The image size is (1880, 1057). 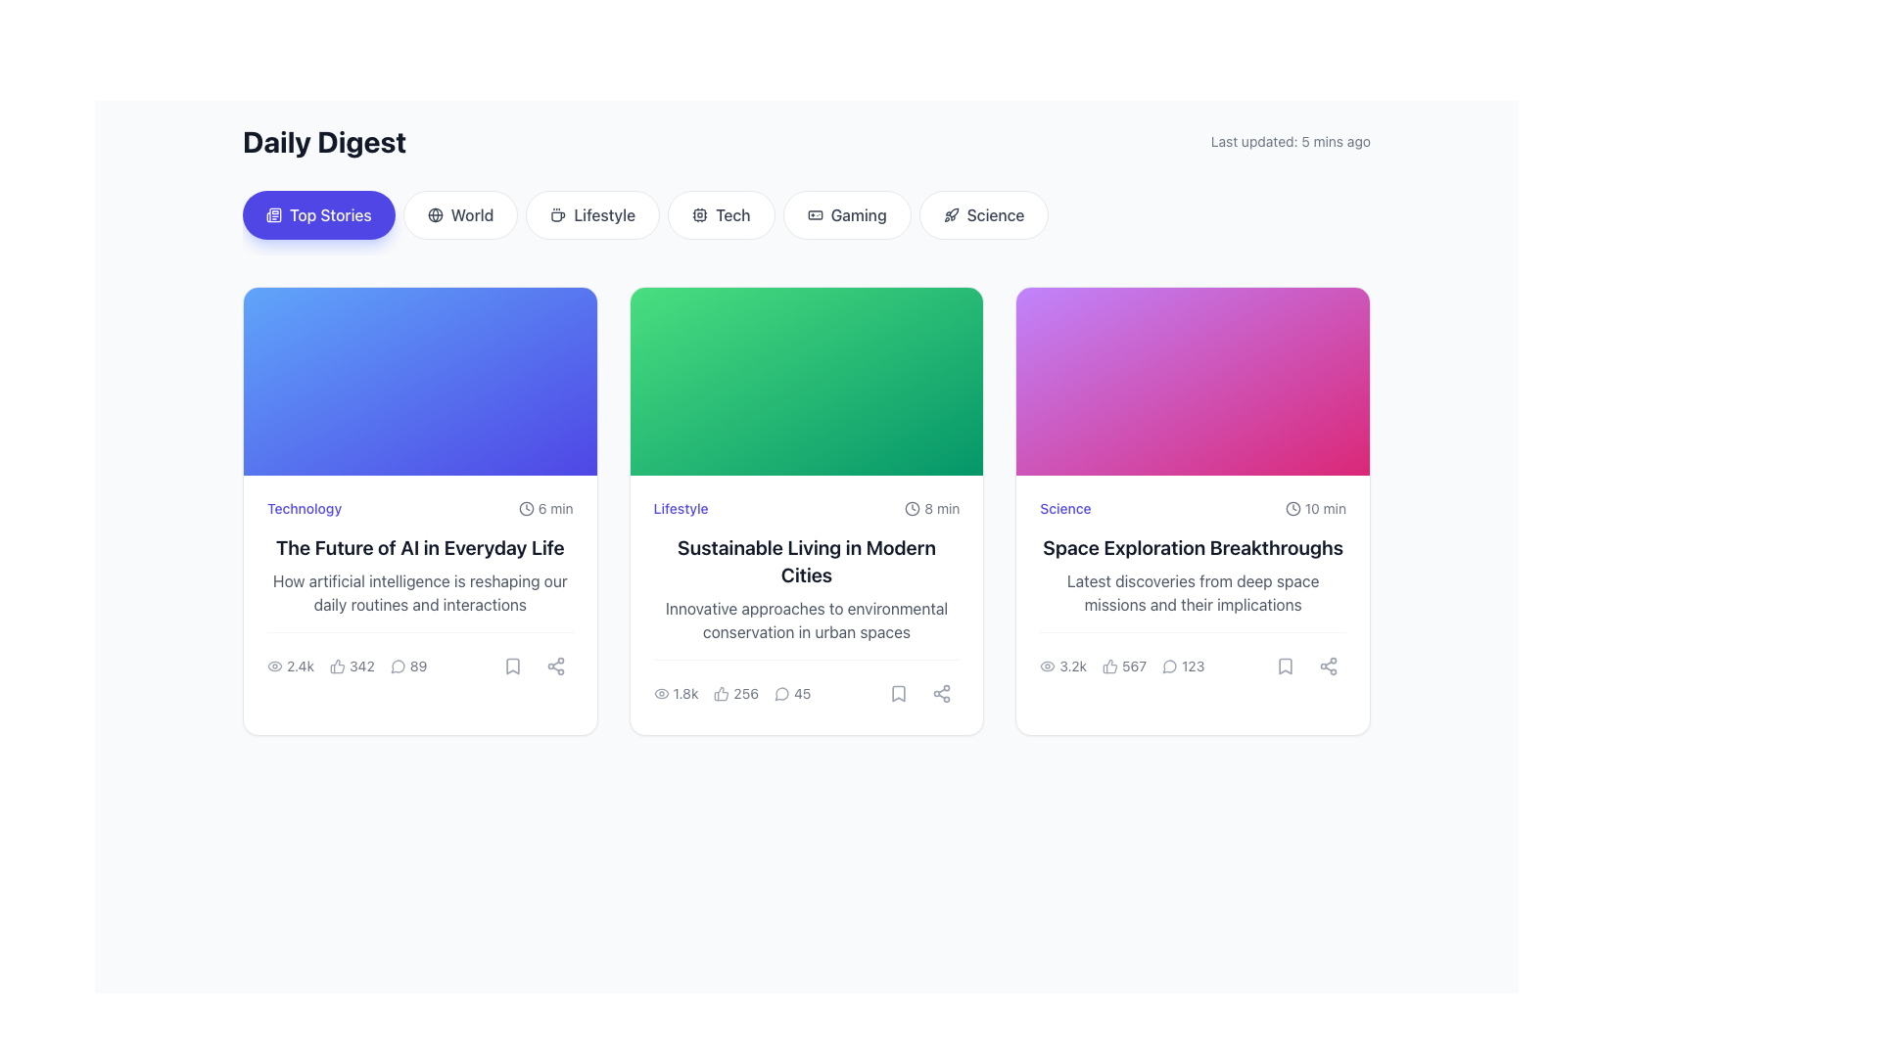 I want to click on value displayed in the text label showing '1.8k', which is located inside the second content card under the title 'Sustainable Living in Modern Cities', positioned to the left of the count indicators '256' and '45', so click(x=676, y=693).